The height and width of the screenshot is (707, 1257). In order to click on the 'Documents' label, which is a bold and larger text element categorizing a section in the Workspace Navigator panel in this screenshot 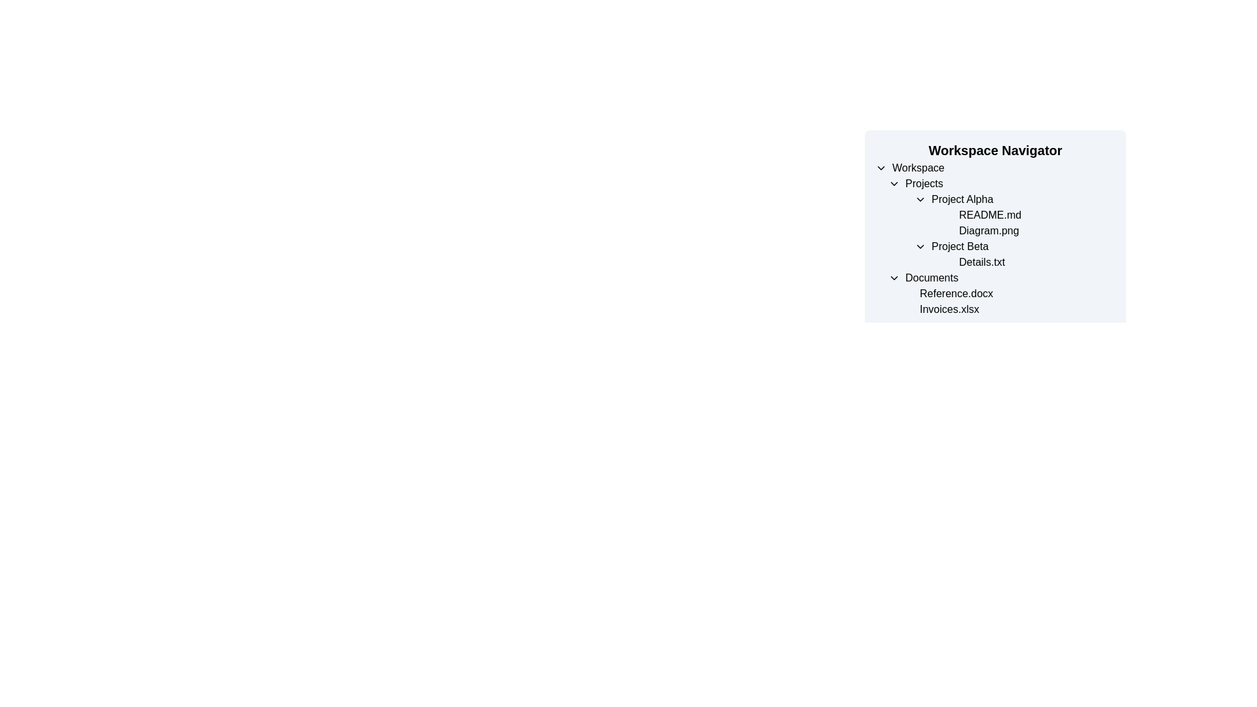, I will do `click(931, 277)`.